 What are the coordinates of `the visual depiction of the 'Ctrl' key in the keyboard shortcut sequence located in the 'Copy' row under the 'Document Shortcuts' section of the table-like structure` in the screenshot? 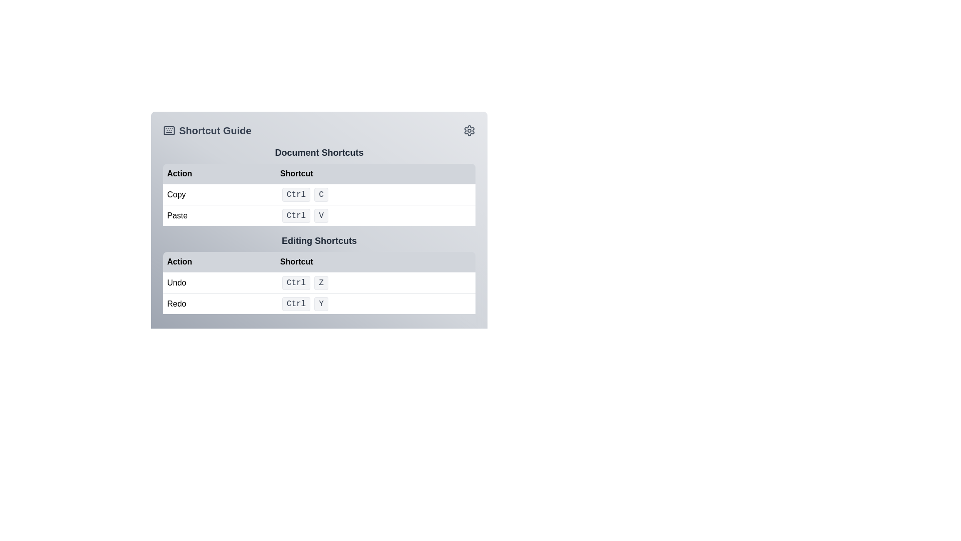 It's located at (295, 195).